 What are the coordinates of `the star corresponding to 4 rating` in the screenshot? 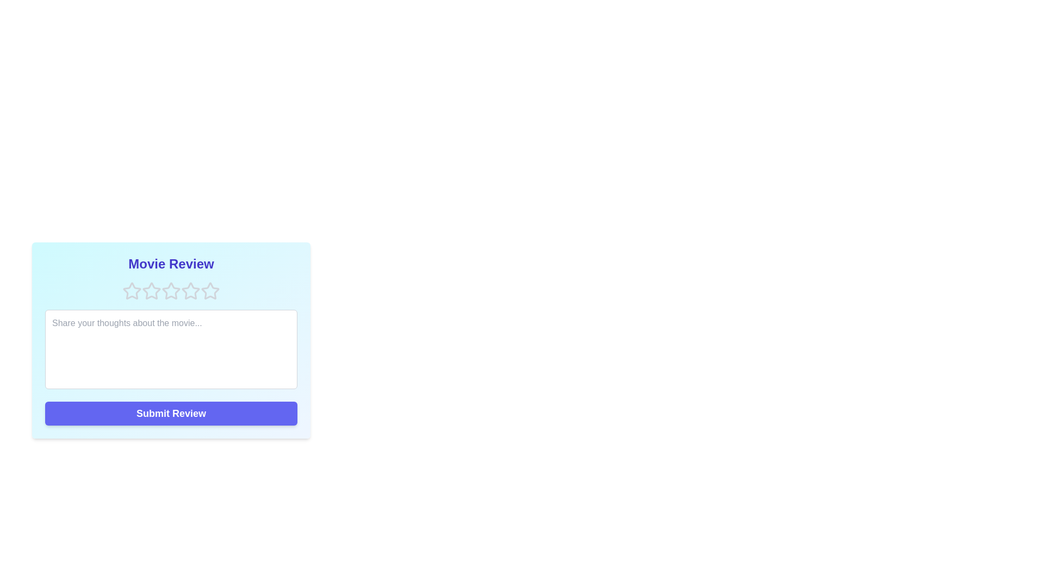 It's located at (190, 291).